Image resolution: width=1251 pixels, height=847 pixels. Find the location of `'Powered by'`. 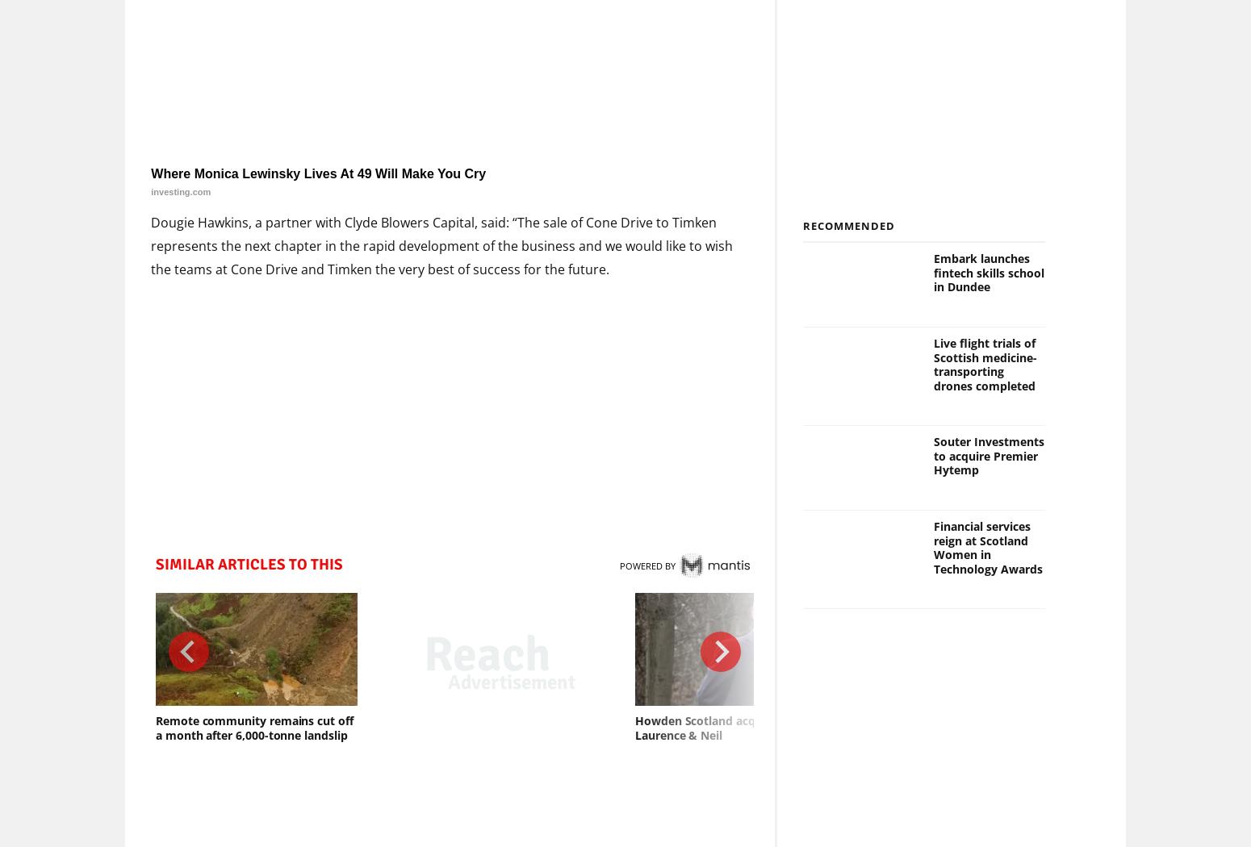

'Powered by' is located at coordinates (646, 565).